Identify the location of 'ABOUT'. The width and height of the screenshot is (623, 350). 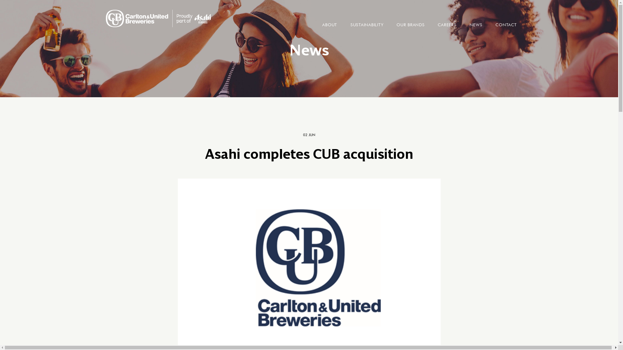
(330, 27).